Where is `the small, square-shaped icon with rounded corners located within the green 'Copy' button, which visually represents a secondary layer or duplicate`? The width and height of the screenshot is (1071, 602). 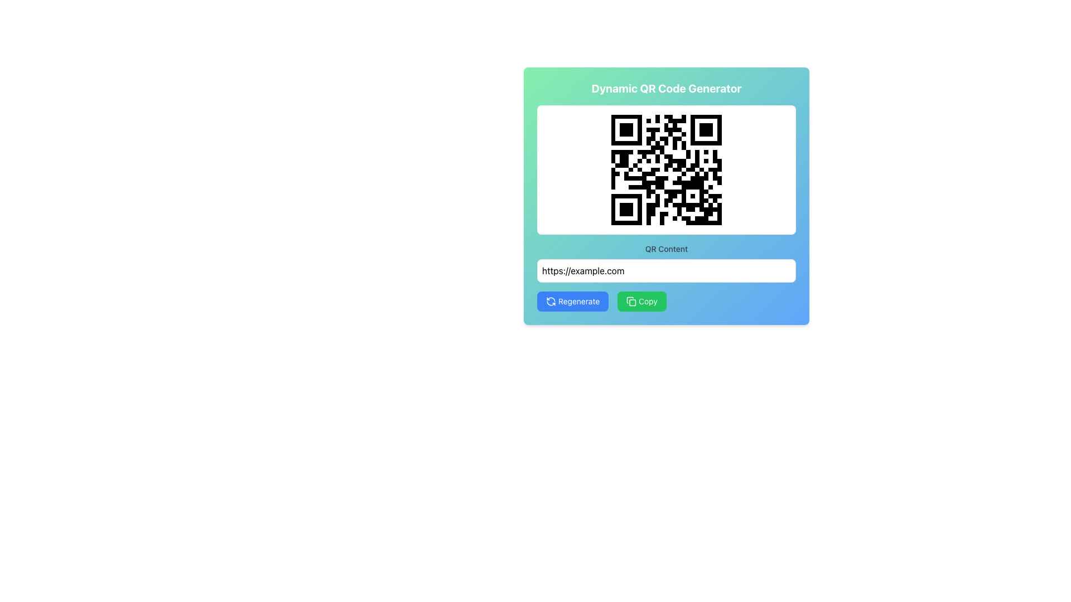
the small, square-shaped icon with rounded corners located within the green 'Copy' button, which visually represents a secondary layer or duplicate is located at coordinates (631, 301).